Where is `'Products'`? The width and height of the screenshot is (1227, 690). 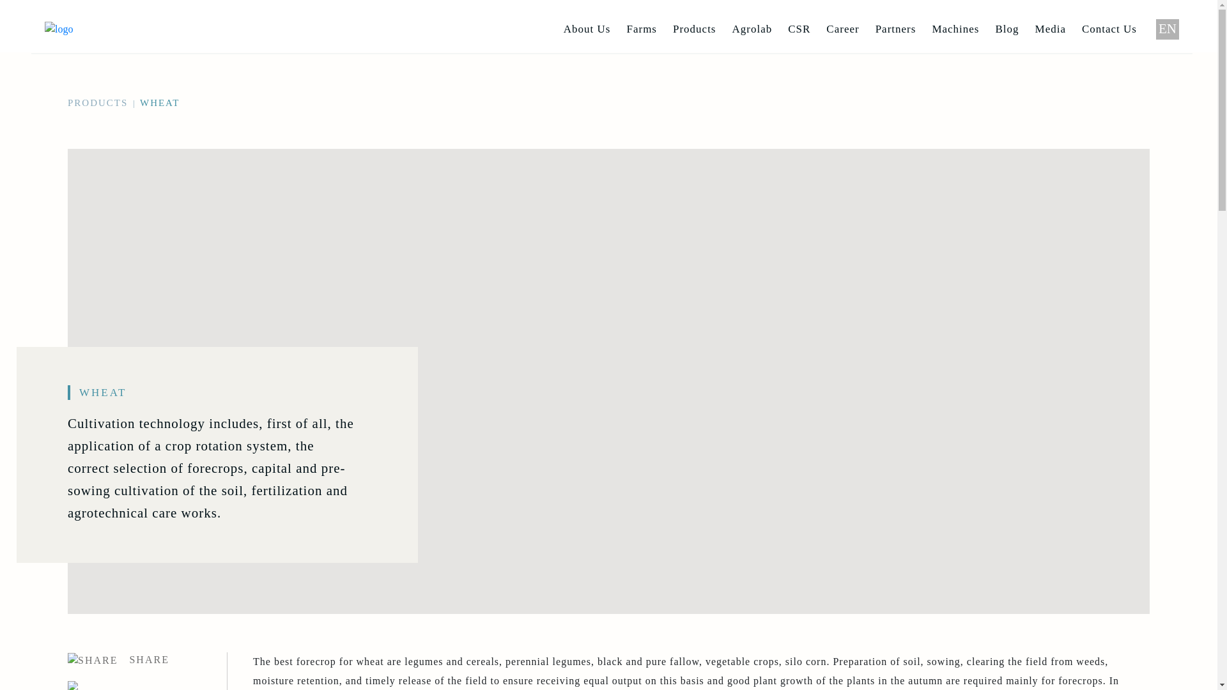 'Products' is located at coordinates (693, 29).